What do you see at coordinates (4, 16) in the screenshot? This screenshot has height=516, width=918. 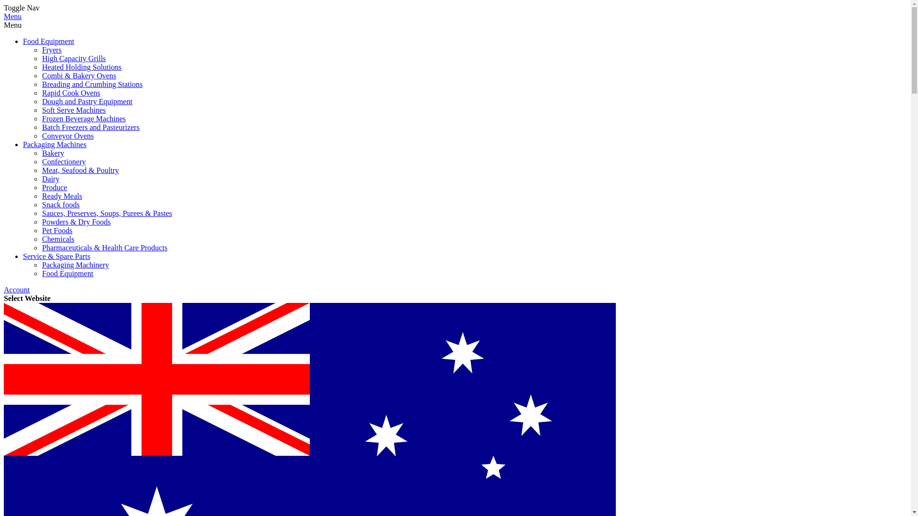 I see `'Menu'` at bounding box center [4, 16].